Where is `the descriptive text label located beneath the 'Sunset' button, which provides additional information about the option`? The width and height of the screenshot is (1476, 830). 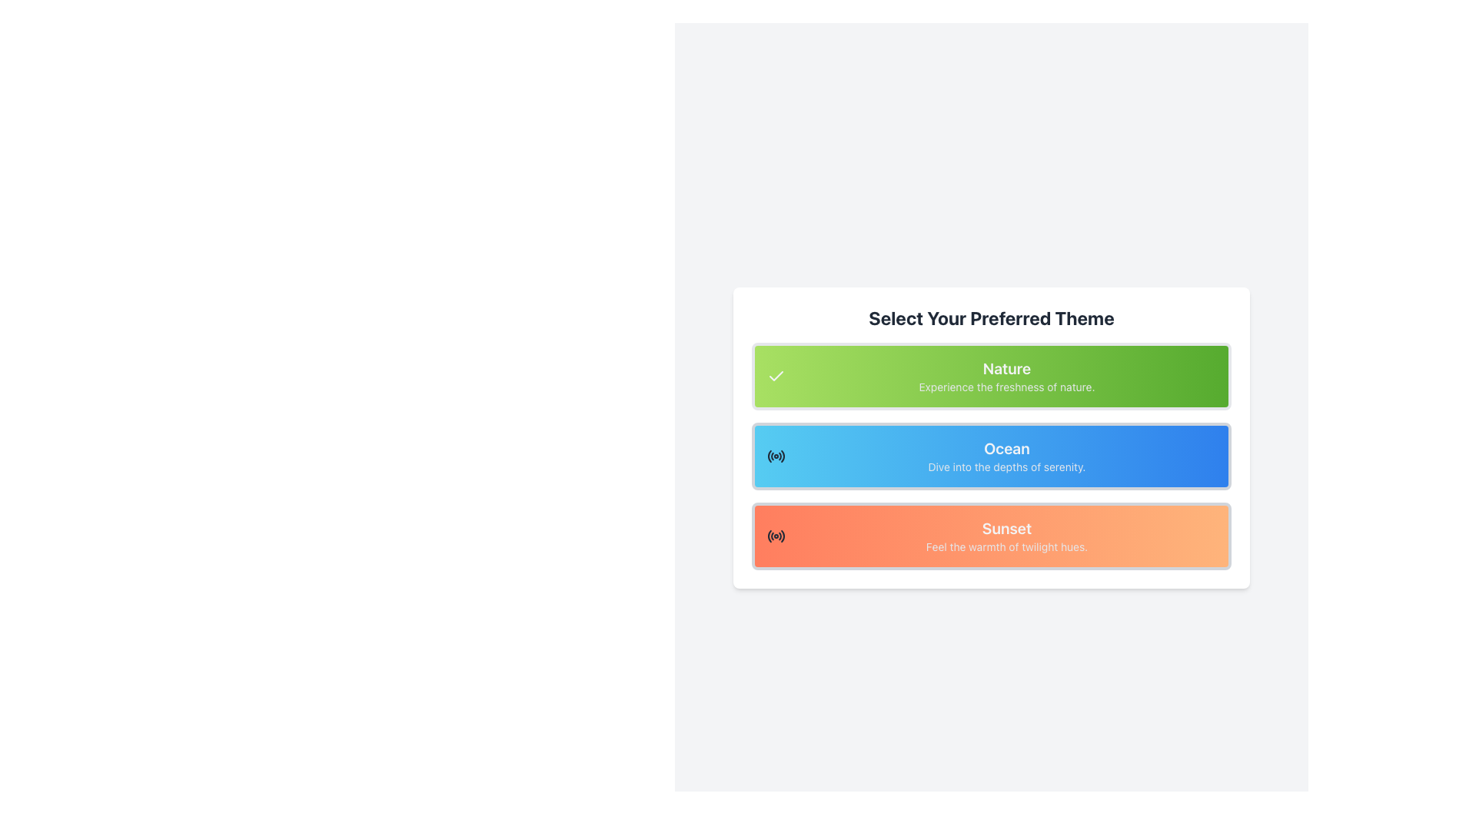
the descriptive text label located beneath the 'Sunset' button, which provides additional information about the option is located at coordinates (1007, 546).